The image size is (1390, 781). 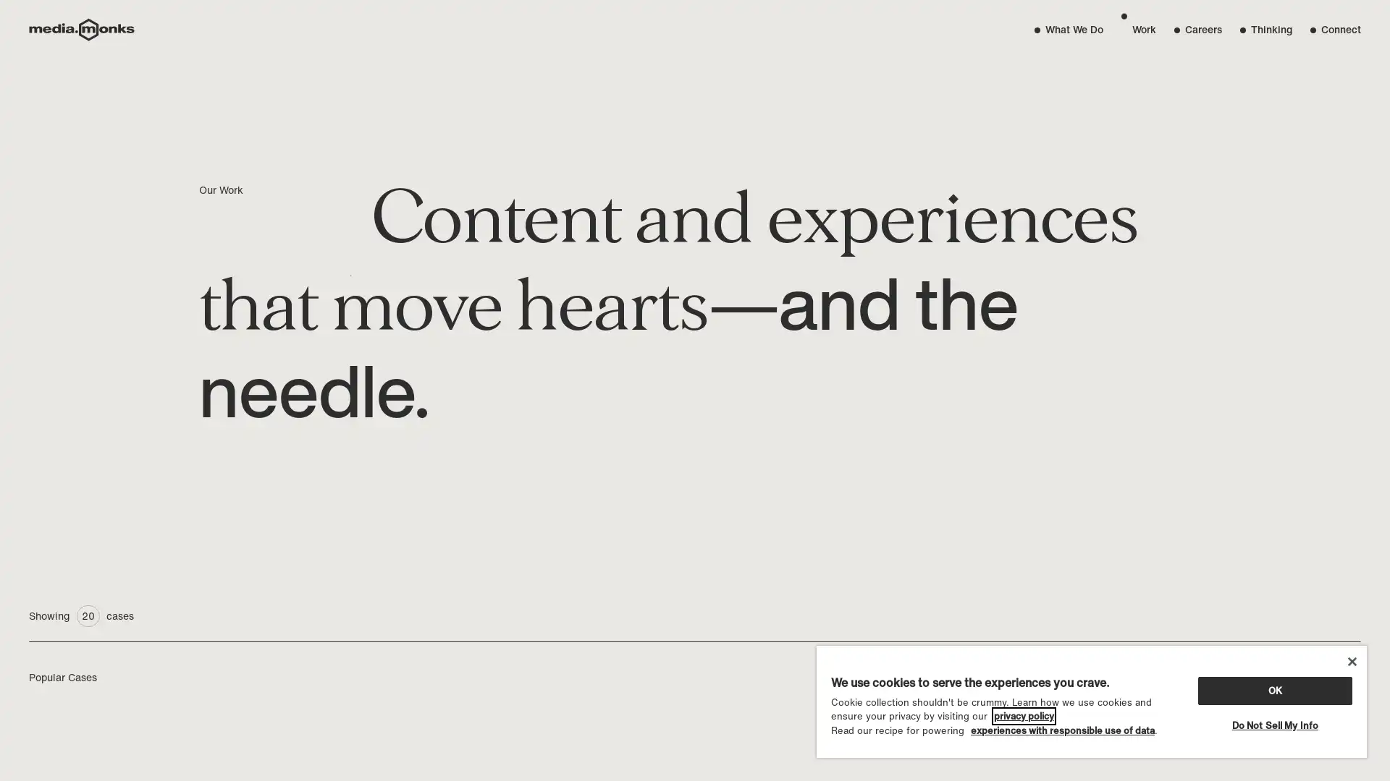 What do you see at coordinates (1274, 689) in the screenshot?
I see `OK` at bounding box center [1274, 689].